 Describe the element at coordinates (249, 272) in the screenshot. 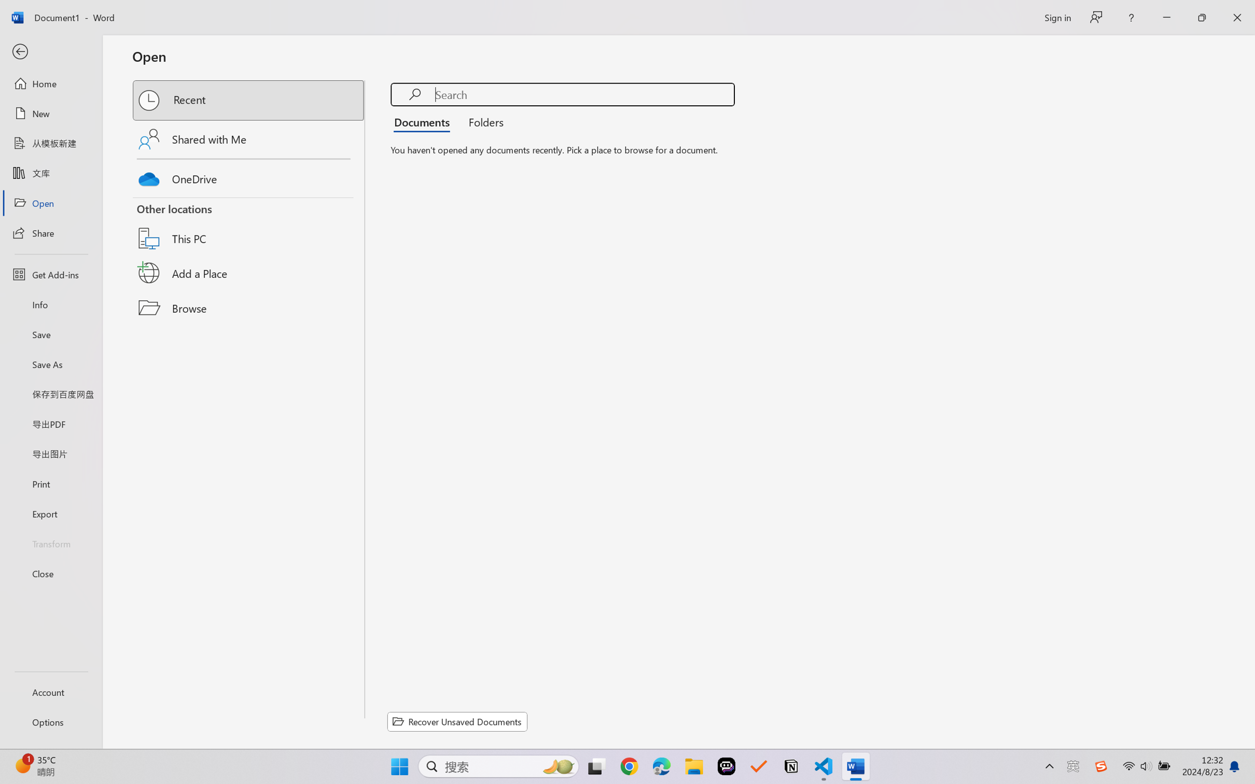

I see `'Add a Place'` at that location.